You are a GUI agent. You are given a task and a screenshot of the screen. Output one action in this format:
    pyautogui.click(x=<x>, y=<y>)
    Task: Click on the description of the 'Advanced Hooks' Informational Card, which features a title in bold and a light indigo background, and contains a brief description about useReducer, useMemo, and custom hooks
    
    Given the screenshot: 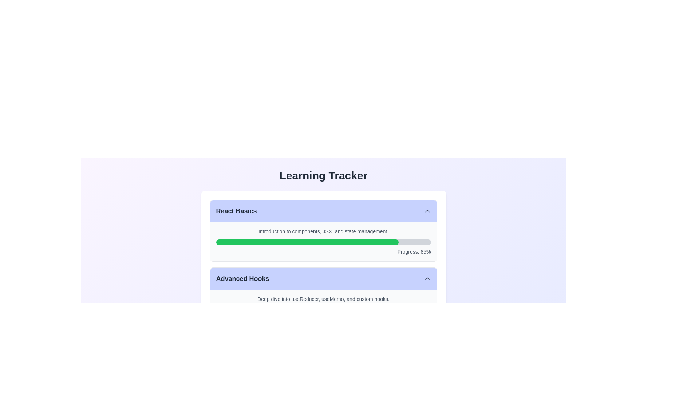 What is the action you would take?
    pyautogui.click(x=323, y=298)
    